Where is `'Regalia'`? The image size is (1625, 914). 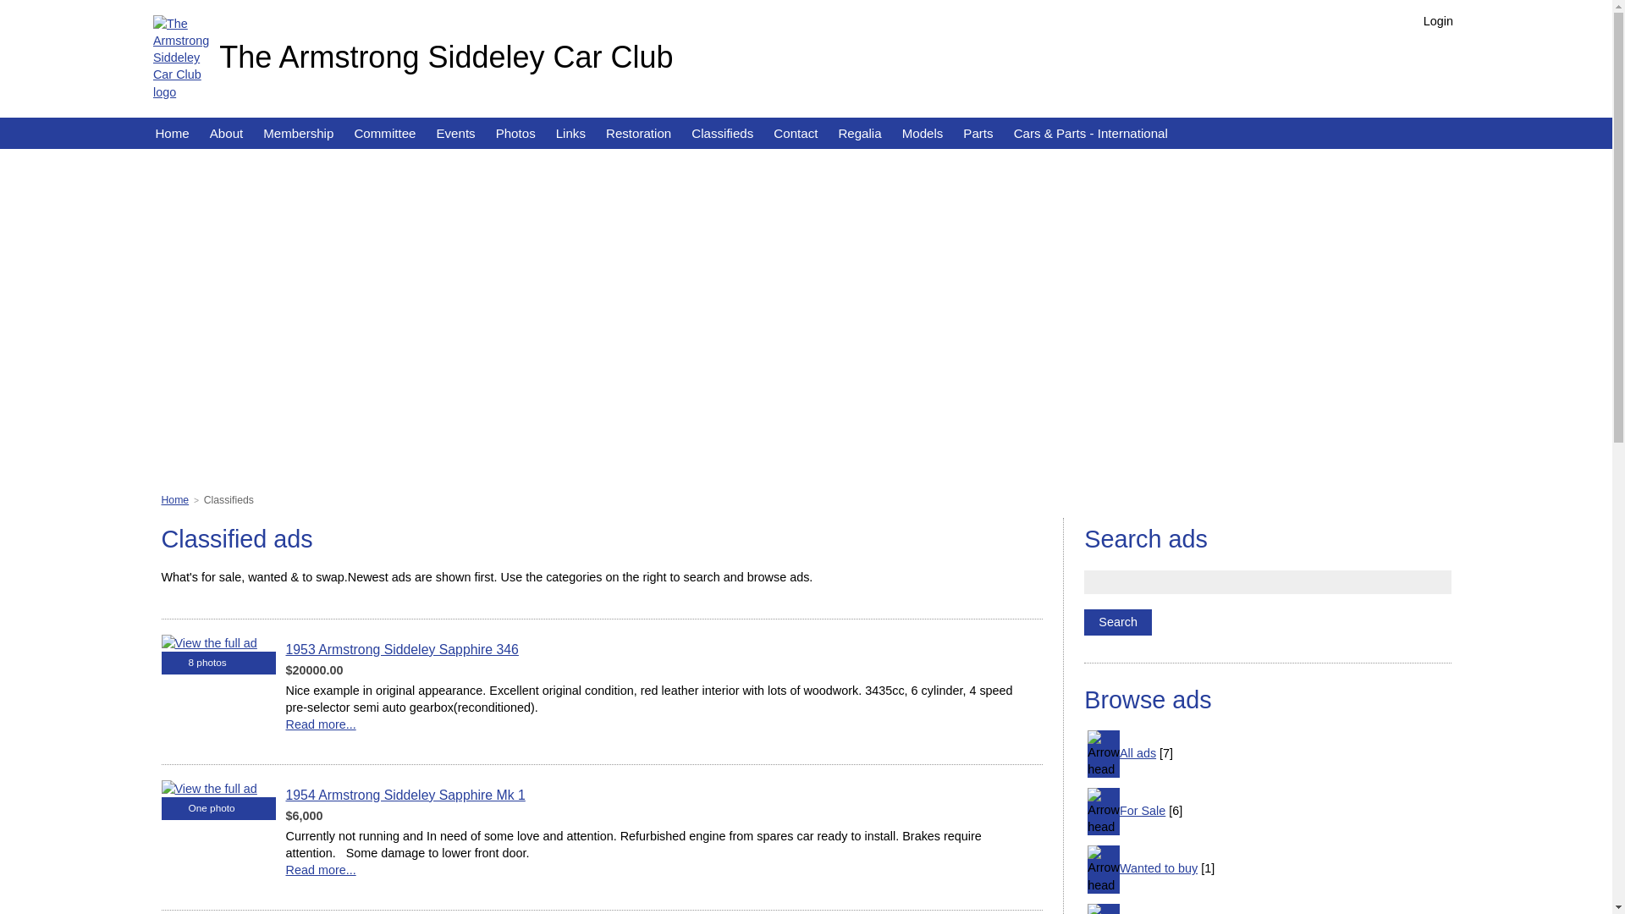
'Regalia' is located at coordinates (828, 133).